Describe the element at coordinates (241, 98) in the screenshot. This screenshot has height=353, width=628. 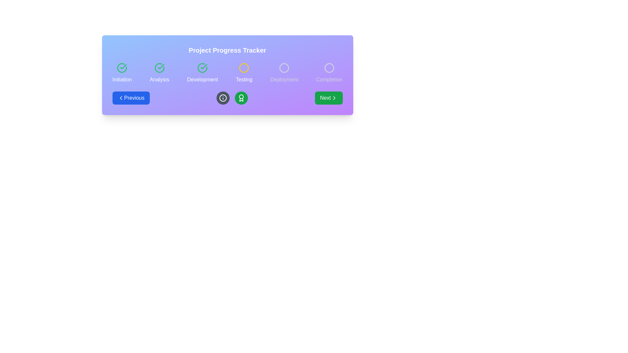
I see `the circular green badge containing the white award icon, located centrally in the bottom row of the interface, to the right of the 'i' icon and to the left of the 'Testing' progress step indicator` at that location.